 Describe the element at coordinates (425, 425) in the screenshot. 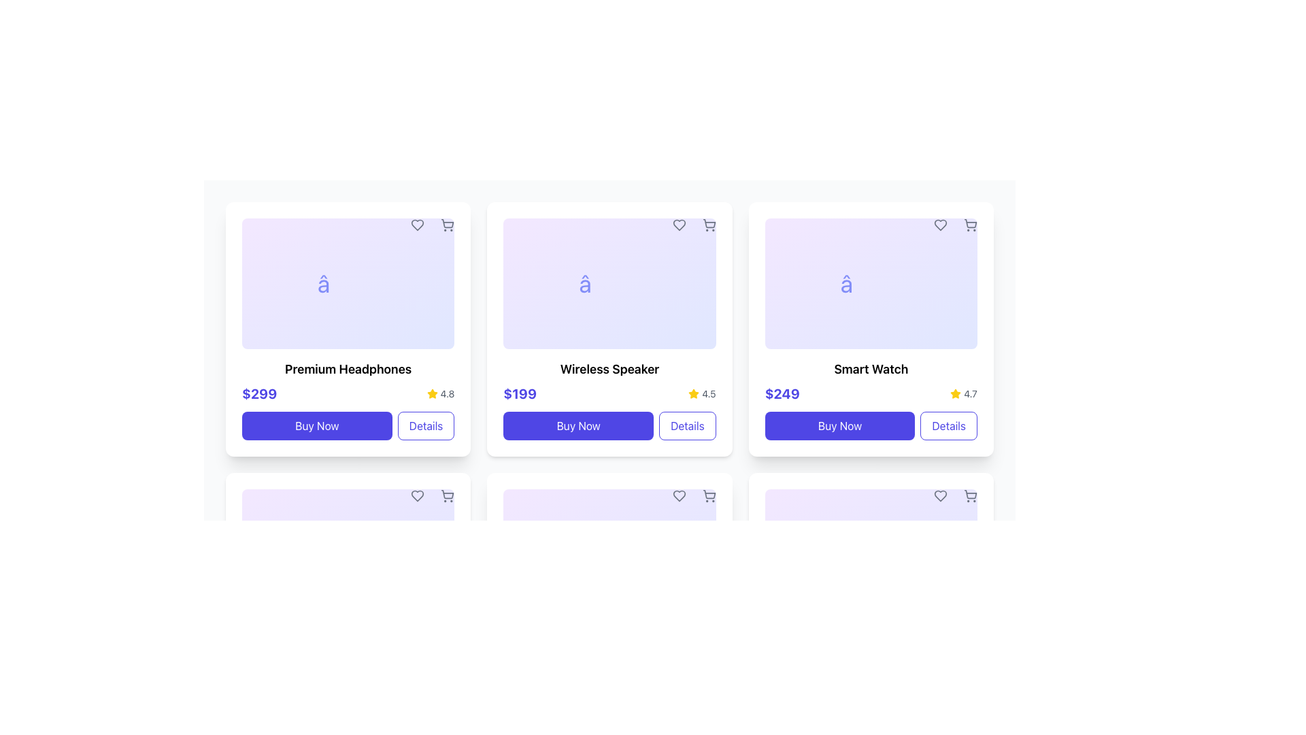

I see `the 'Details' button, which is a rectangular button with rounded corners and an indigo border, located immediately to the right of the 'Buy Now' button in the product actions section of the Premium Headphones card` at that location.